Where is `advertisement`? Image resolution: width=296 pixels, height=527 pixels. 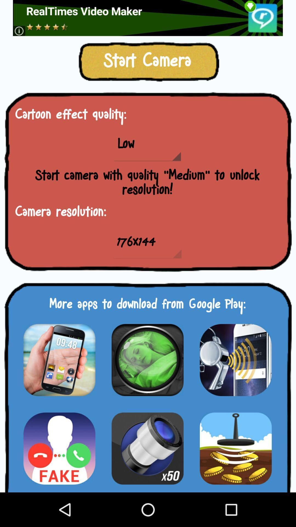 advertisement is located at coordinates (147, 448).